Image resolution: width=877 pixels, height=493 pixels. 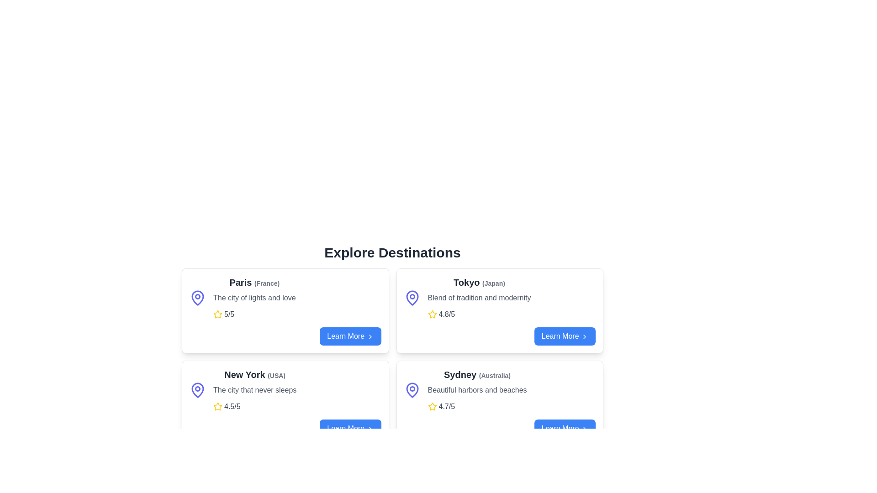 I want to click on the rating display indicating a perfect score of 5 out of 5 for 'Paris (France)', located beneath the subtitle 'The city of lights and love', so click(x=254, y=314).